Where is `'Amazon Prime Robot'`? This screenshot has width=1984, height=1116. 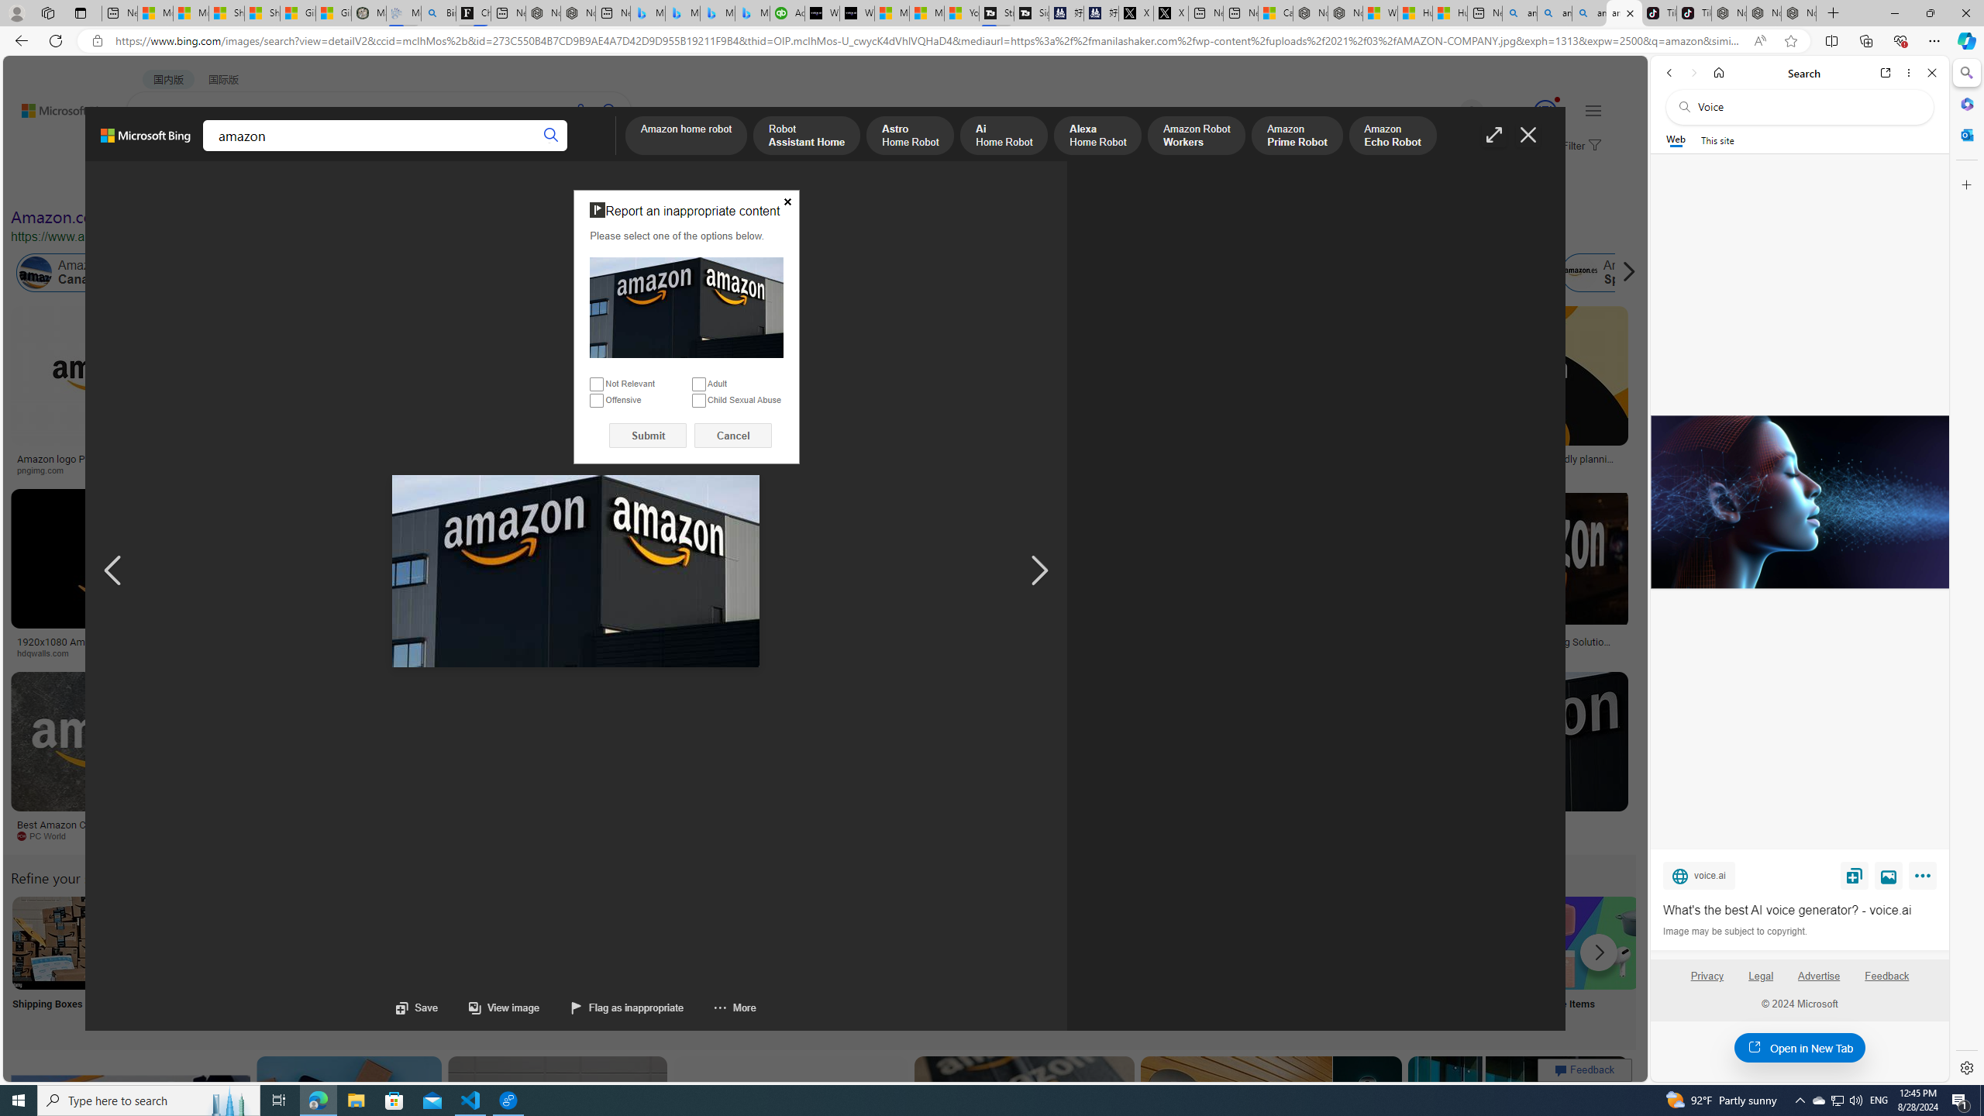 'Amazon Prime Robot' is located at coordinates (1297, 136).